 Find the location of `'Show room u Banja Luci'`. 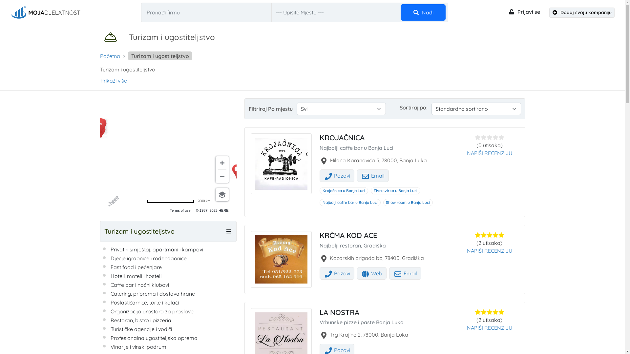

'Show room u Banja Luci' is located at coordinates (383, 202).